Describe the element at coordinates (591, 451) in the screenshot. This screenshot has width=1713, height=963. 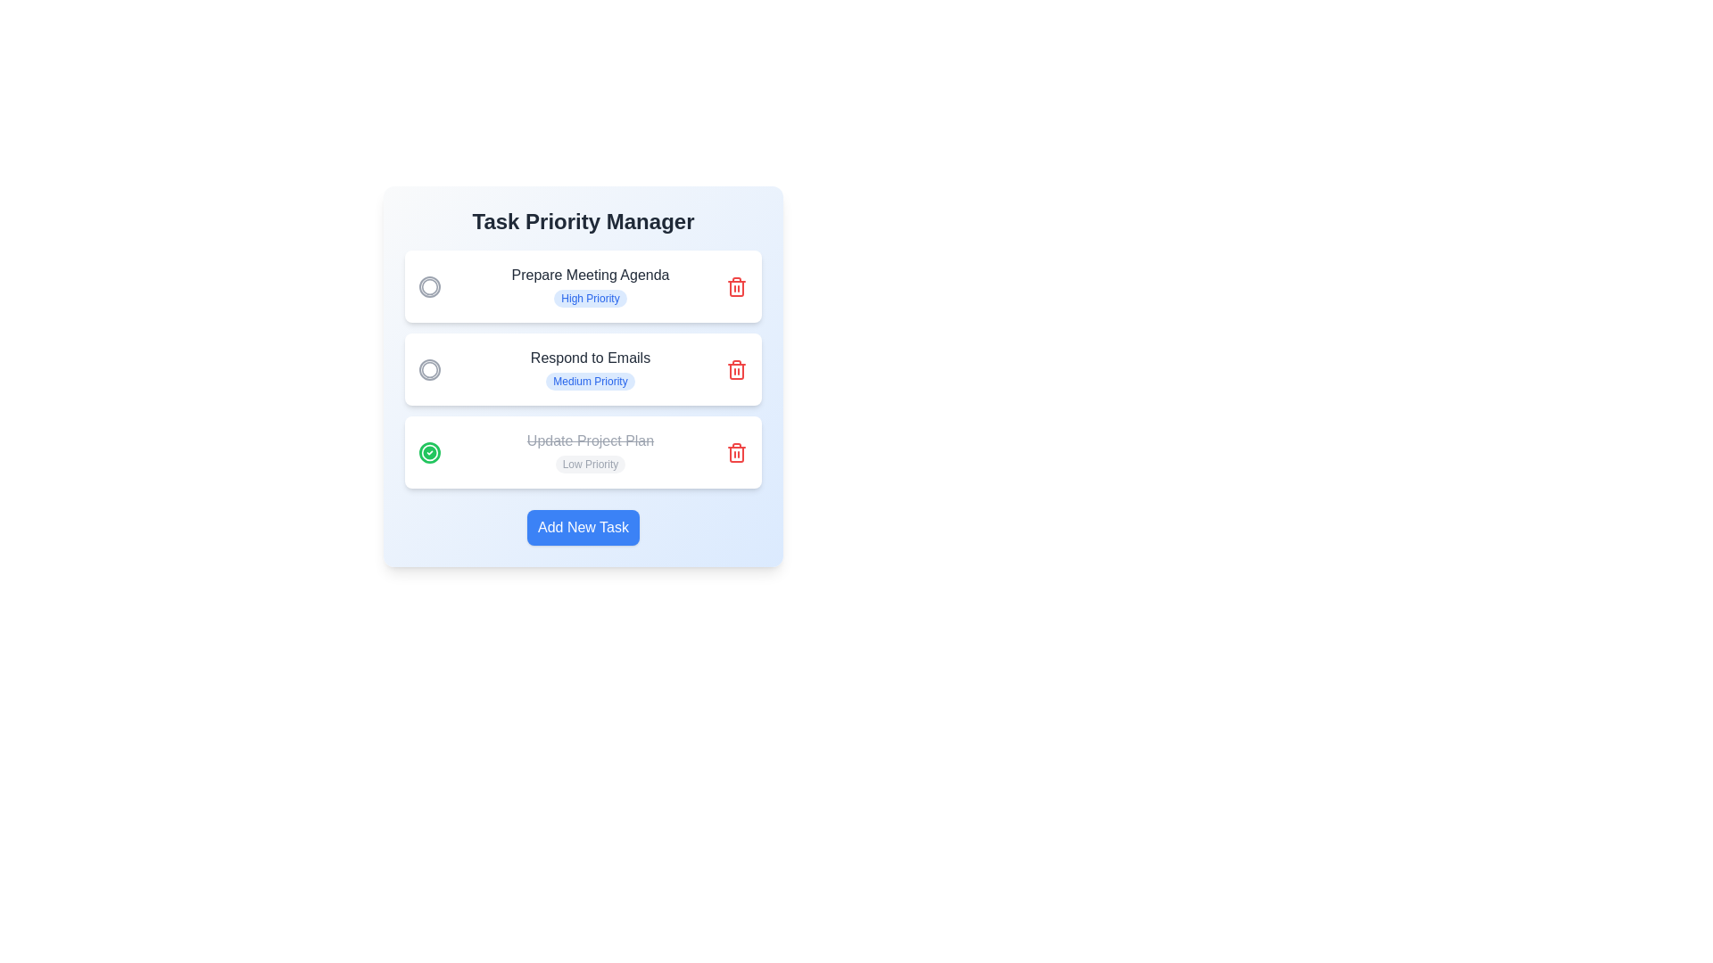
I see `the task list entry labeled 'Update Project Plan' with a strikethrough title and a 'Low Priority' label to associate it with other components` at that location.